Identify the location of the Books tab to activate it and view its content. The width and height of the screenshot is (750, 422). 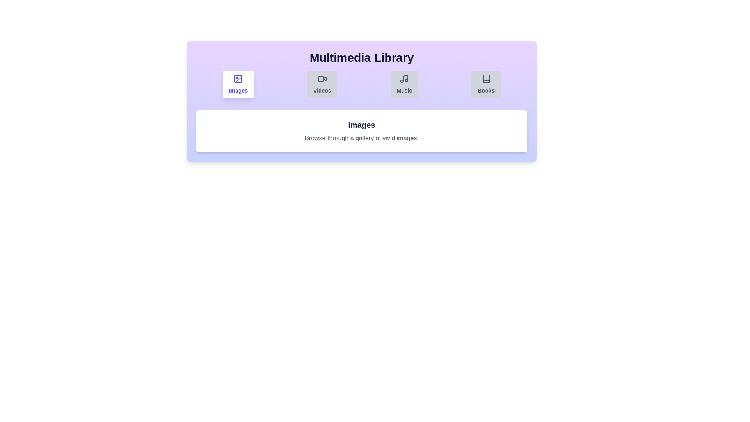
(486, 84).